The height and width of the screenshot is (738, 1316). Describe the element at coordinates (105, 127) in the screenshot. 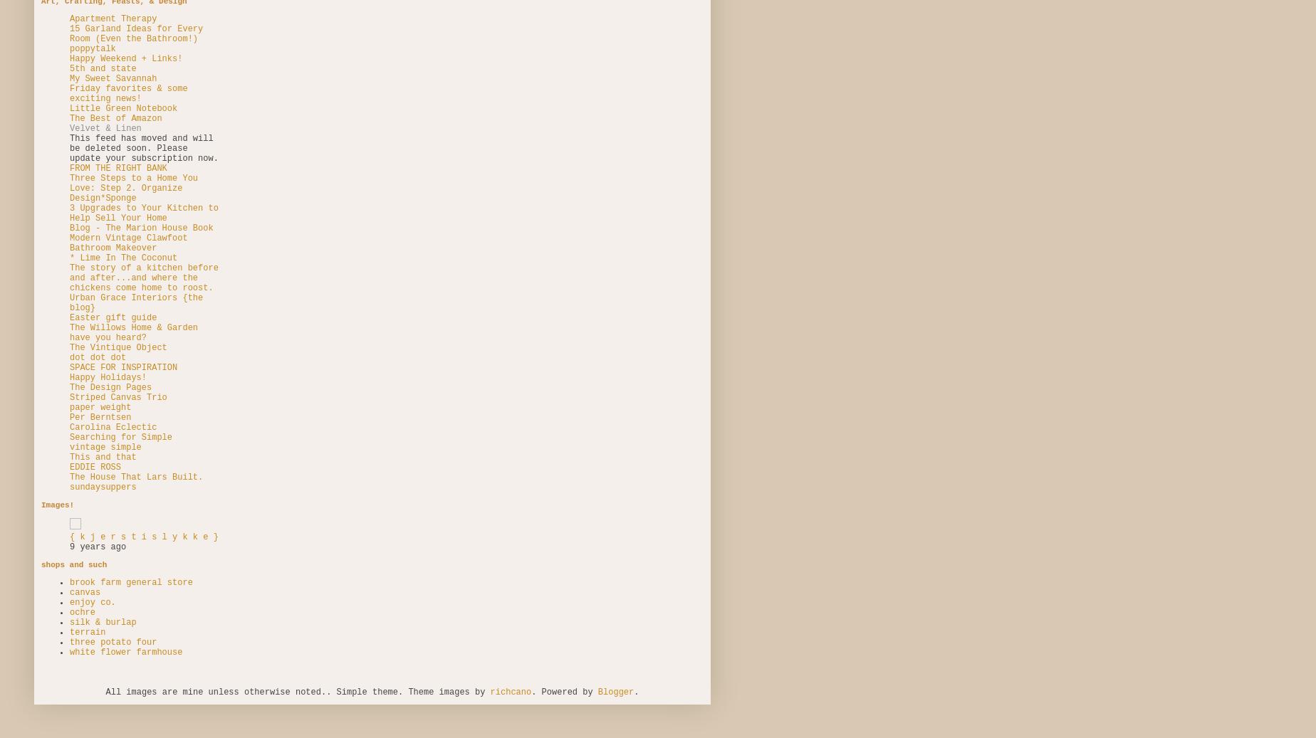

I see `'Velvet & Linen'` at that location.